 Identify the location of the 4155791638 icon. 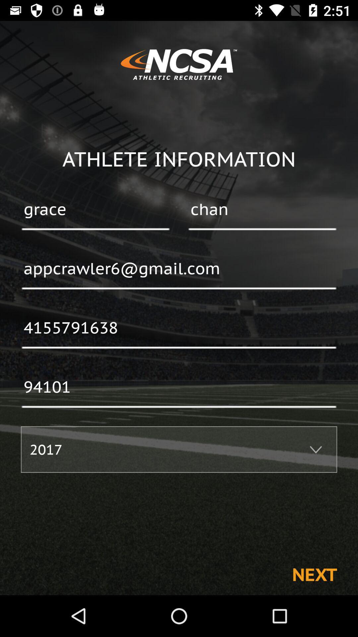
(179, 328).